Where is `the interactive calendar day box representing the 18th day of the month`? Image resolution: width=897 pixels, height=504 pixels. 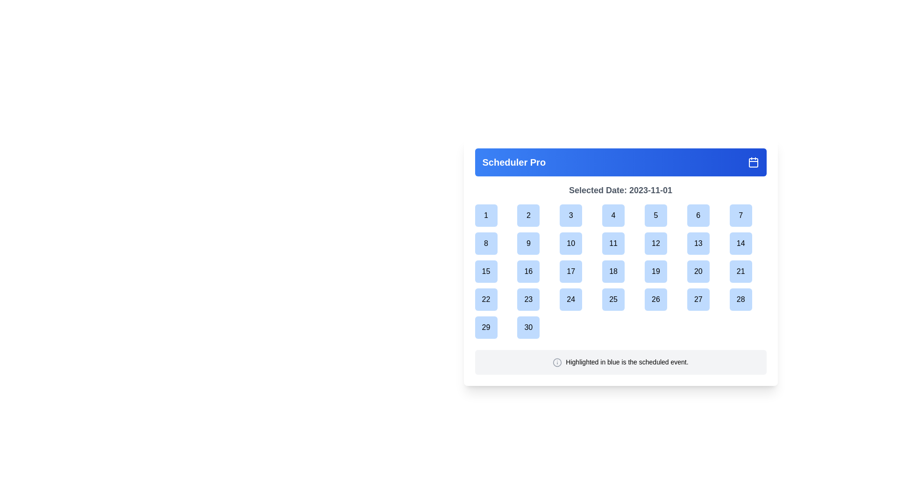
the interactive calendar day box representing the 18th day of the month is located at coordinates (620, 272).